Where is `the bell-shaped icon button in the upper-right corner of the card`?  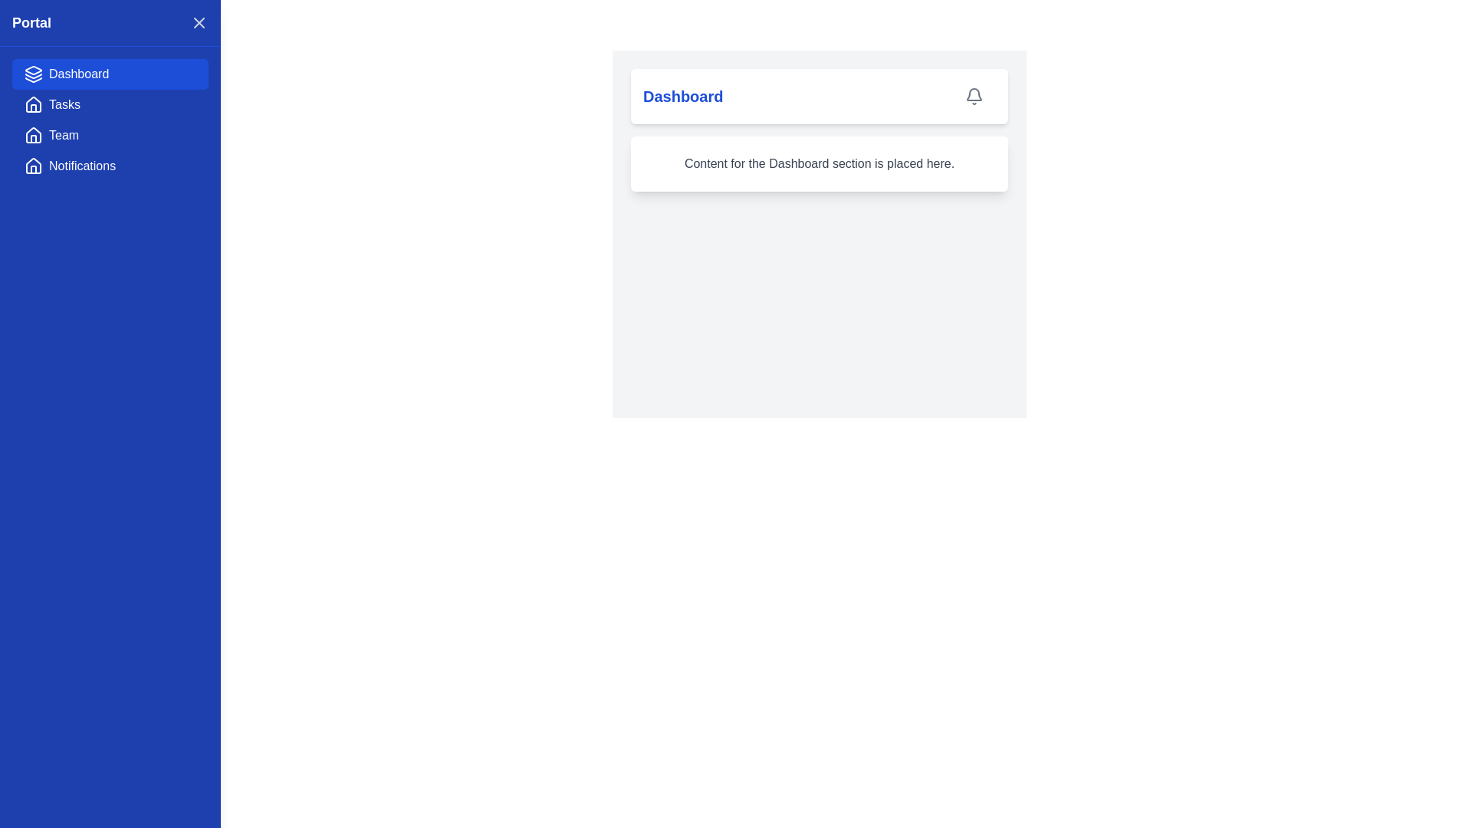 the bell-shaped icon button in the upper-right corner of the card is located at coordinates (974, 97).